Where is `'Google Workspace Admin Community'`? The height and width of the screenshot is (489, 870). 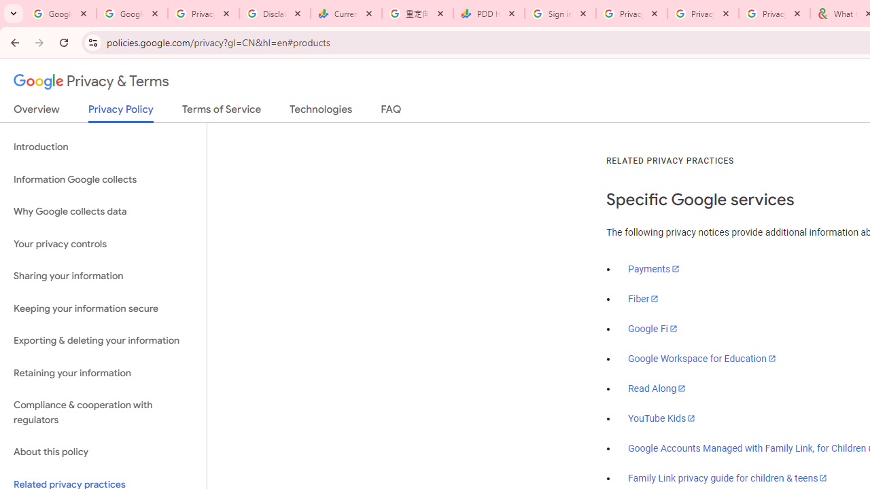 'Google Workspace Admin Community' is located at coordinates (60, 14).